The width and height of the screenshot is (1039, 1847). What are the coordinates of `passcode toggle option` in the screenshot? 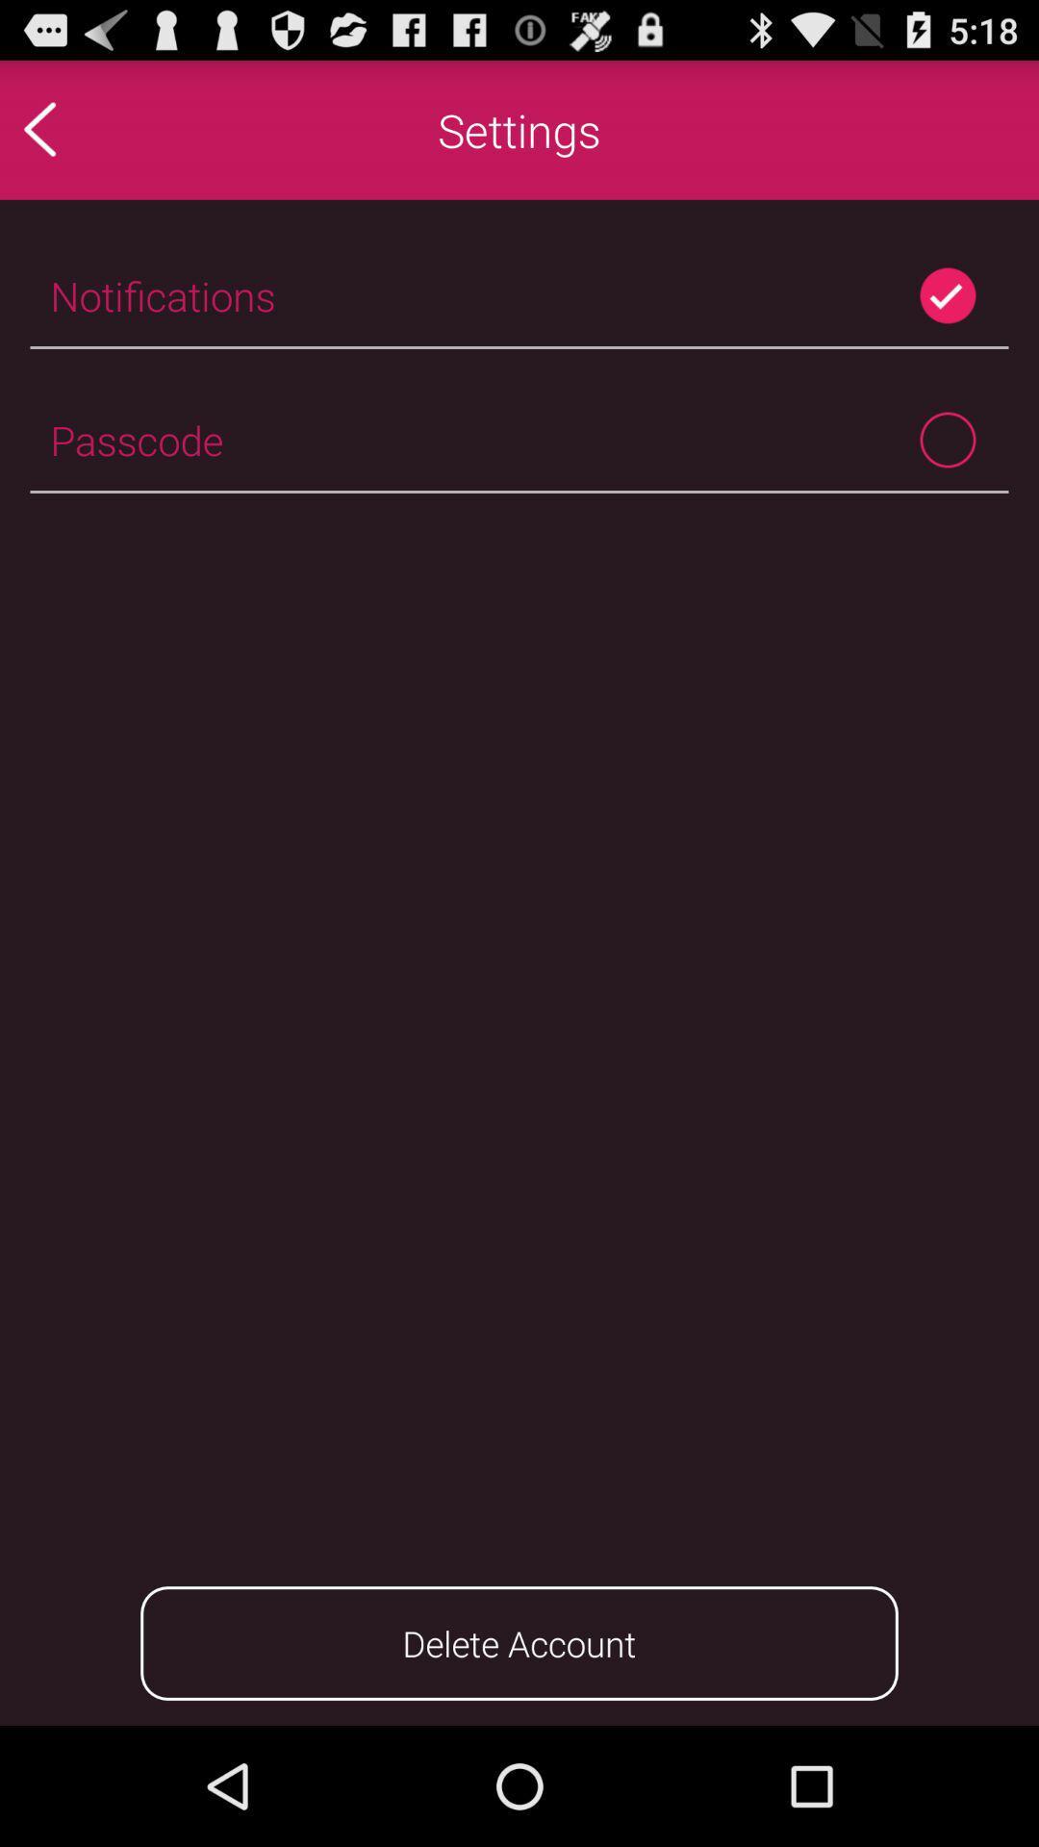 It's located at (947, 439).